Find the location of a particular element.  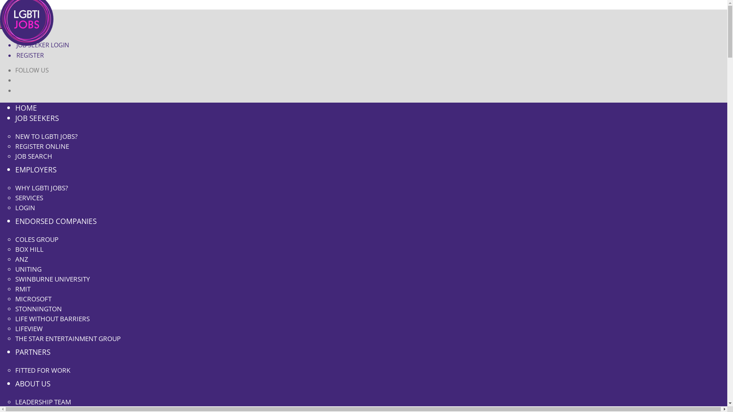

'COLES GROUP' is located at coordinates (36, 239).